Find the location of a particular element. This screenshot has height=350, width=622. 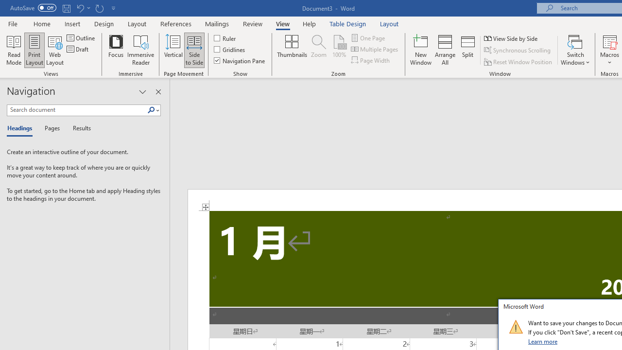

'Focus' is located at coordinates (116, 50).